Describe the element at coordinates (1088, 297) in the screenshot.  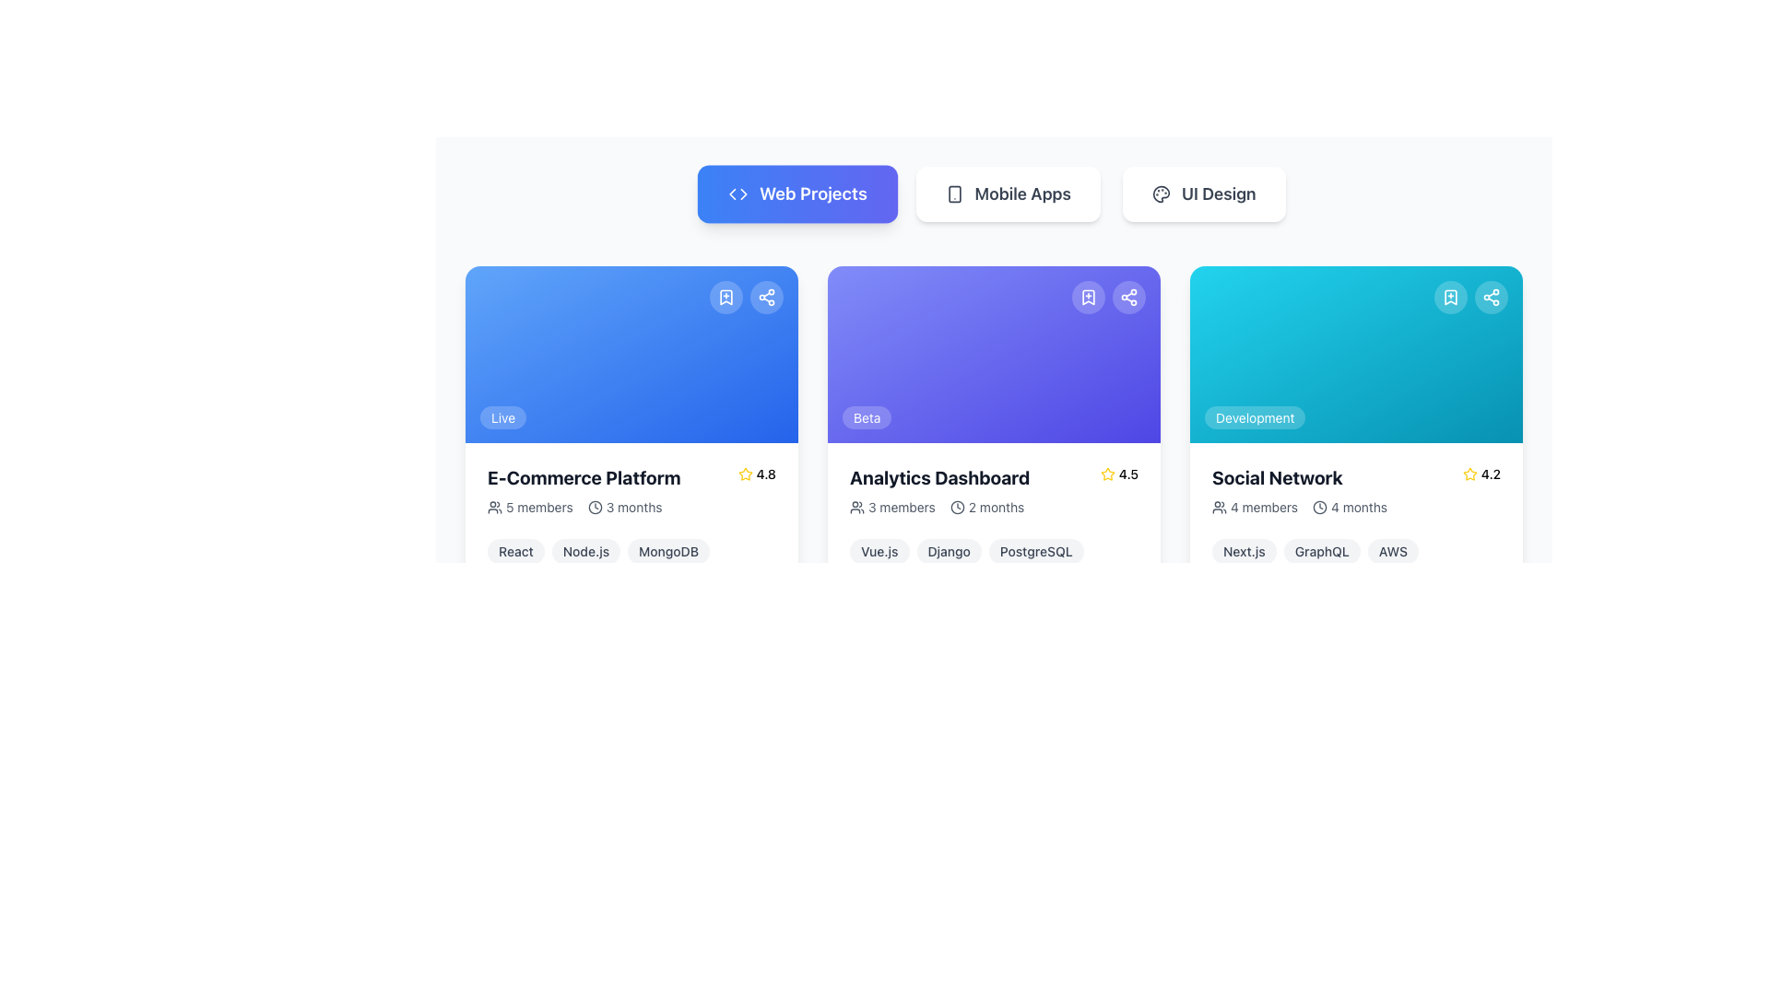
I see `the bookmark icon with a plus sign located in the top-right corner of the 'Analytics Dashboard' card` at that location.